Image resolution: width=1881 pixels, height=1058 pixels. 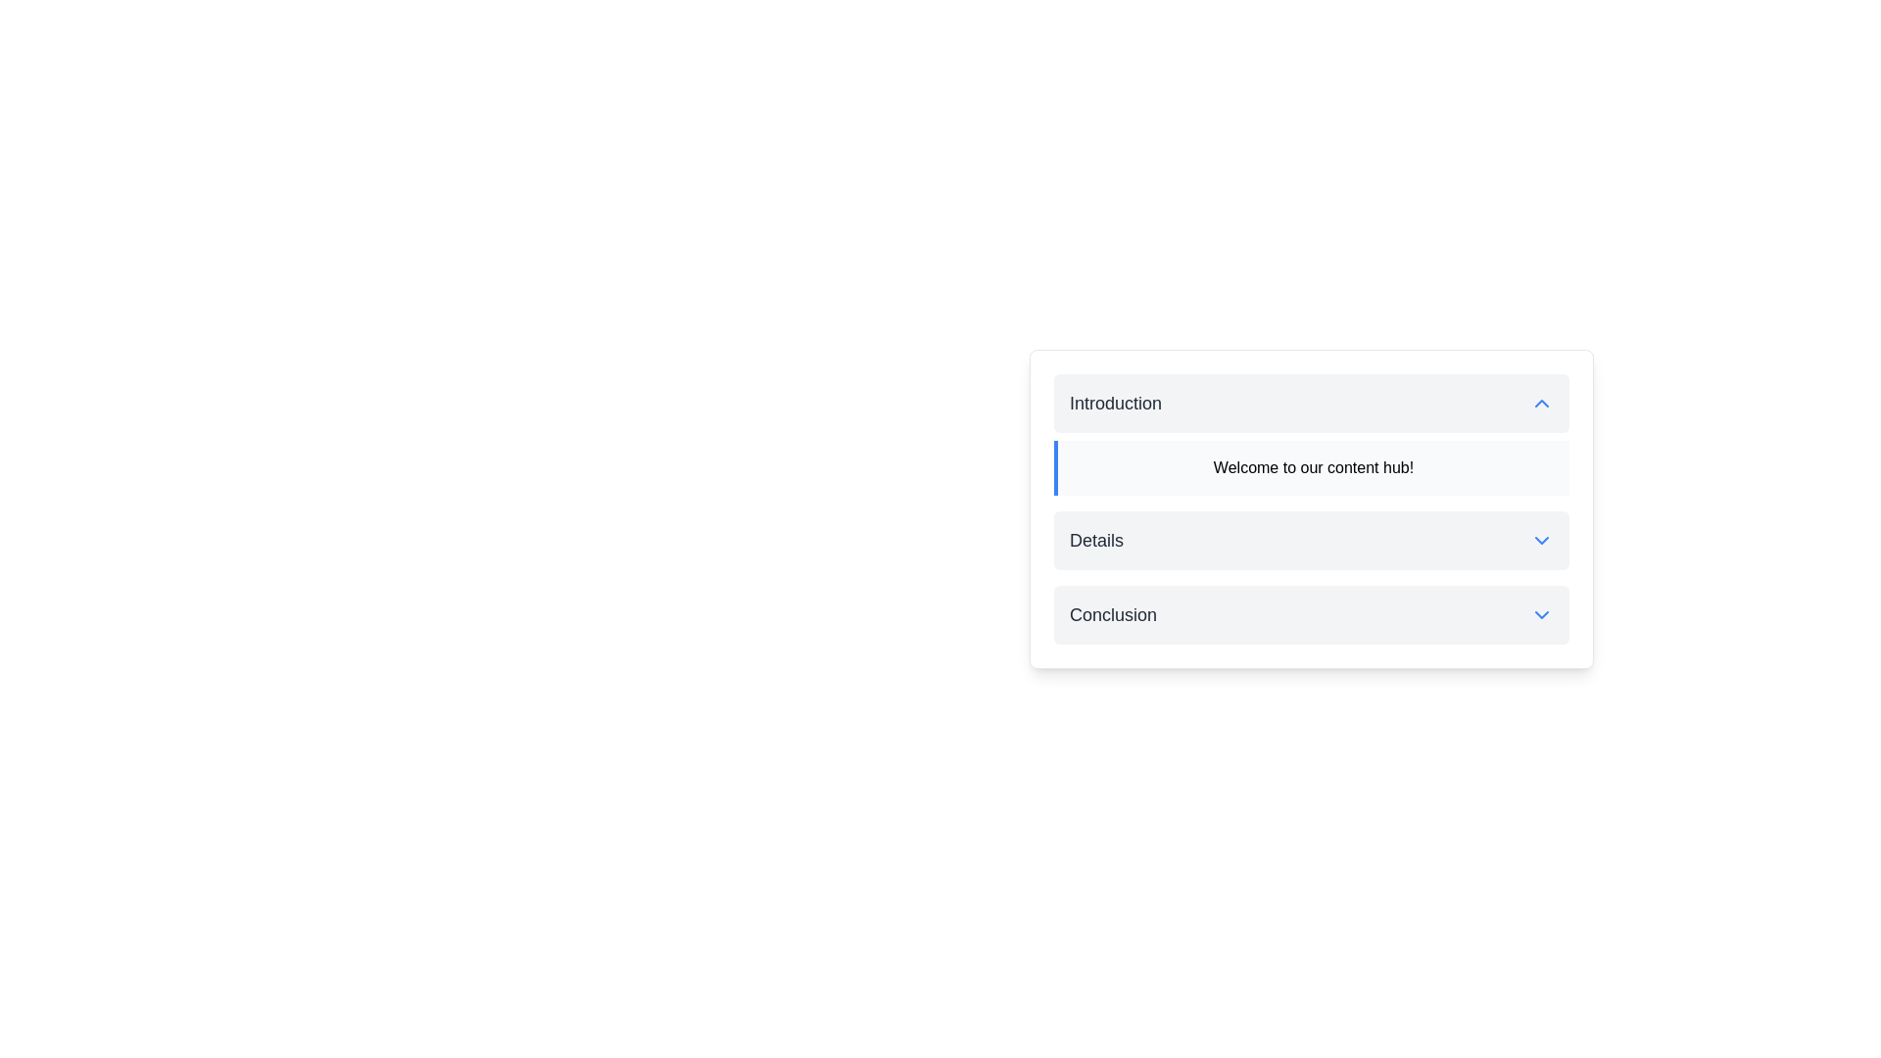 I want to click on the 'Conclusion' text label, which likely serves as a title for a collapsible section within the interface, so click(x=1113, y=614).